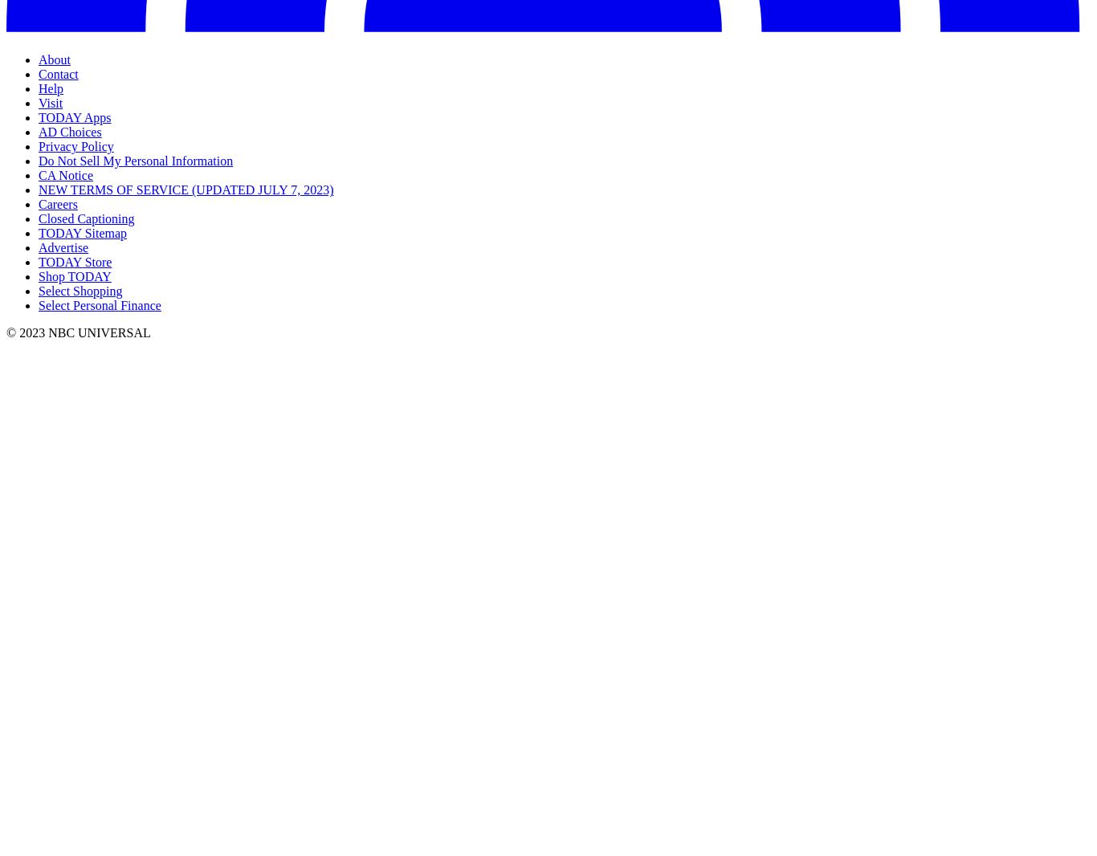 This screenshot has height=856, width=1097. Describe the element at coordinates (55, 59) in the screenshot. I see `'About'` at that location.